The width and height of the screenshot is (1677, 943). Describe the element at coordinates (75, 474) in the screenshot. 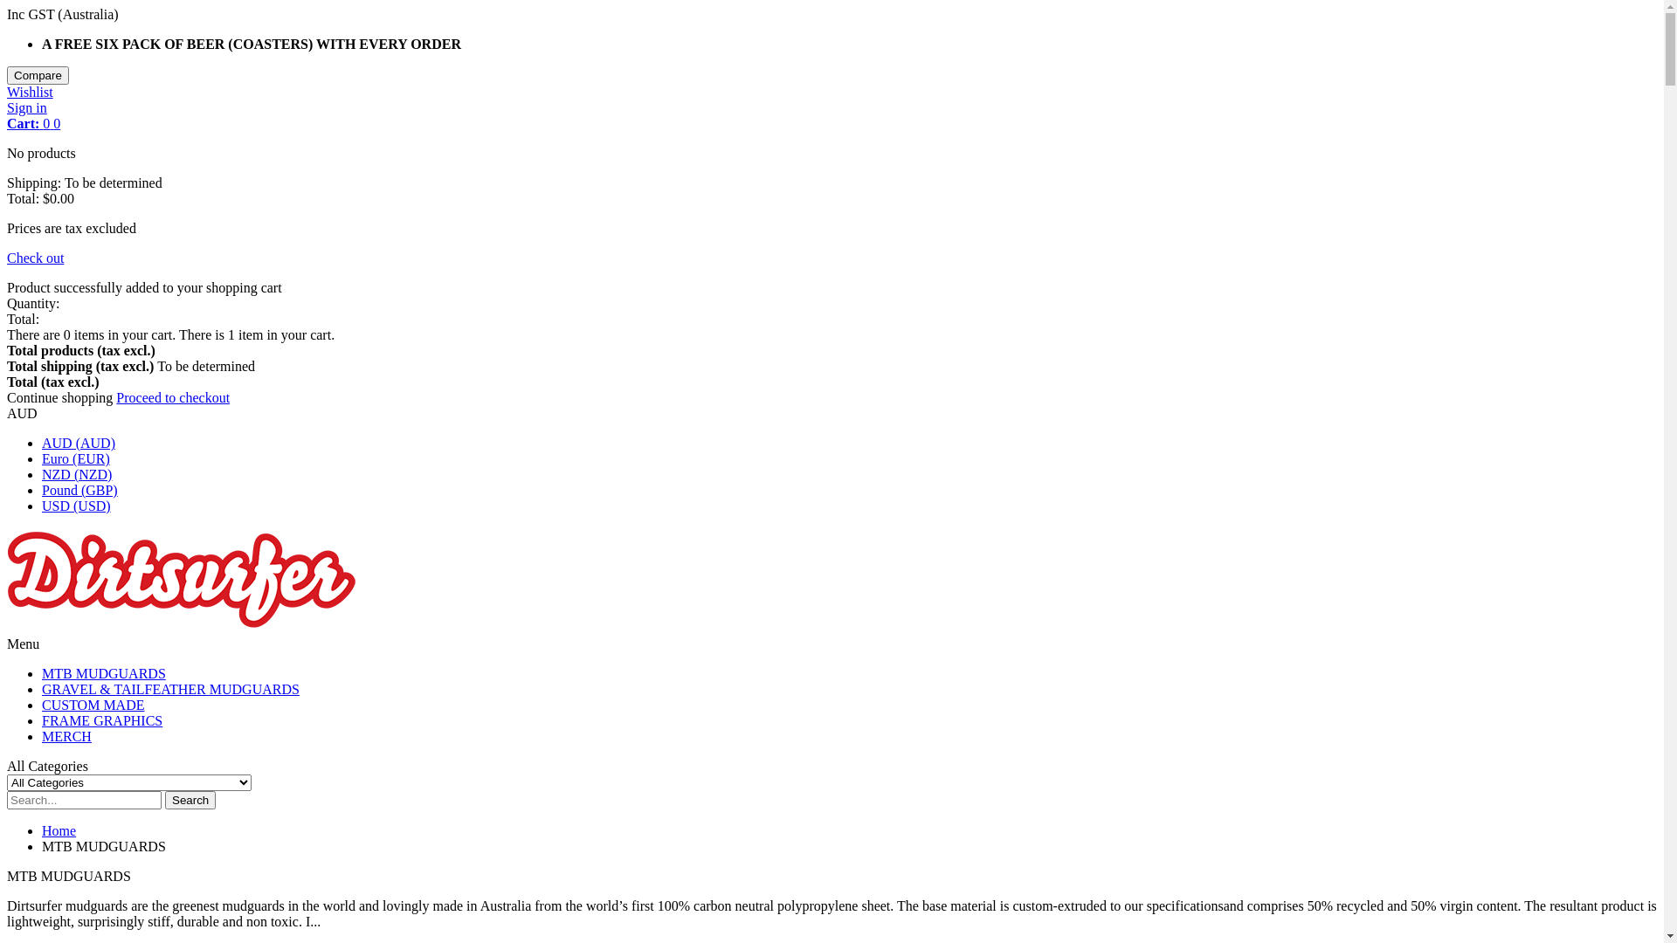

I see `'NZD (NZD)'` at that location.